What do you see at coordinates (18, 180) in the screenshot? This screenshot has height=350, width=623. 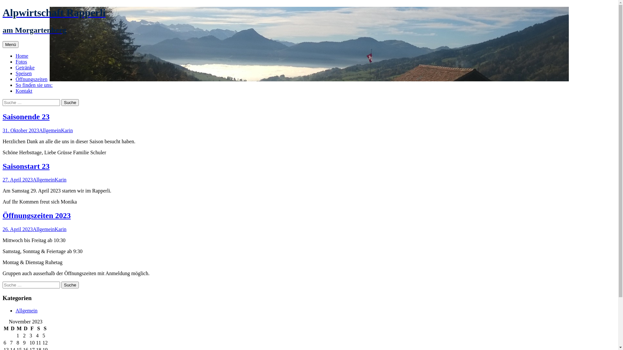 I see `'27. April 2023'` at bounding box center [18, 180].